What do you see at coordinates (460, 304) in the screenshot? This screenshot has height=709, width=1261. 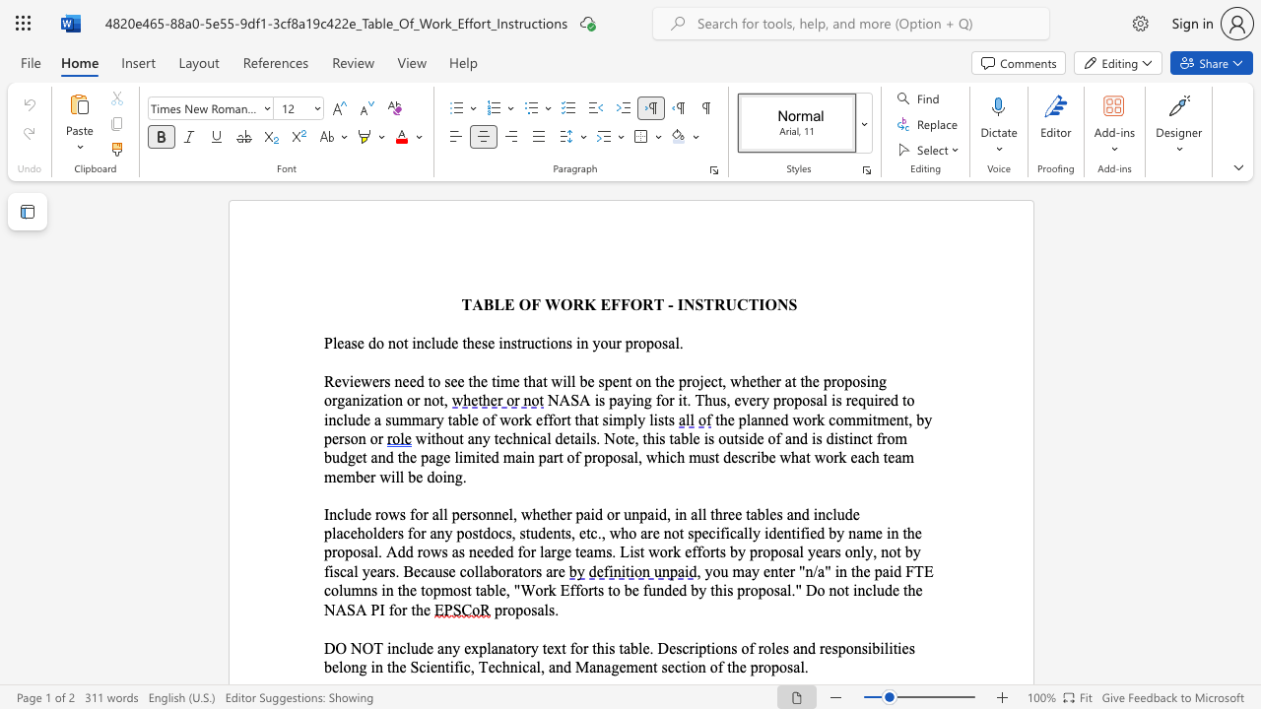 I see `the subset text "TABLE OF WORK E" within the text "TABLE OF WORK EFFORT - INSTRUCTIONS"` at bounding box center [460, 304].